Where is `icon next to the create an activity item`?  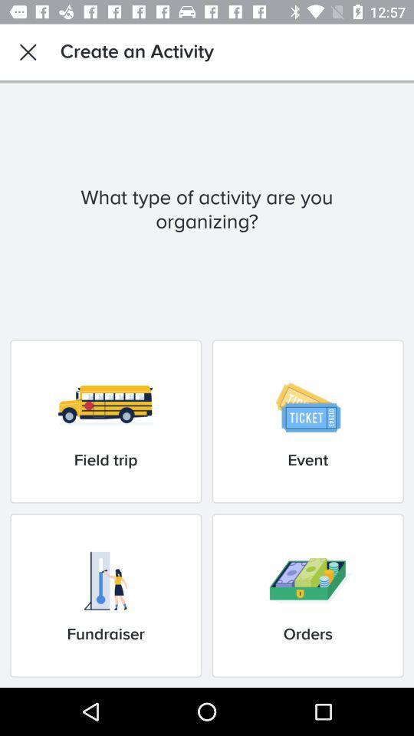 icon next to the create an activity item is located at coordinates (28, 52).